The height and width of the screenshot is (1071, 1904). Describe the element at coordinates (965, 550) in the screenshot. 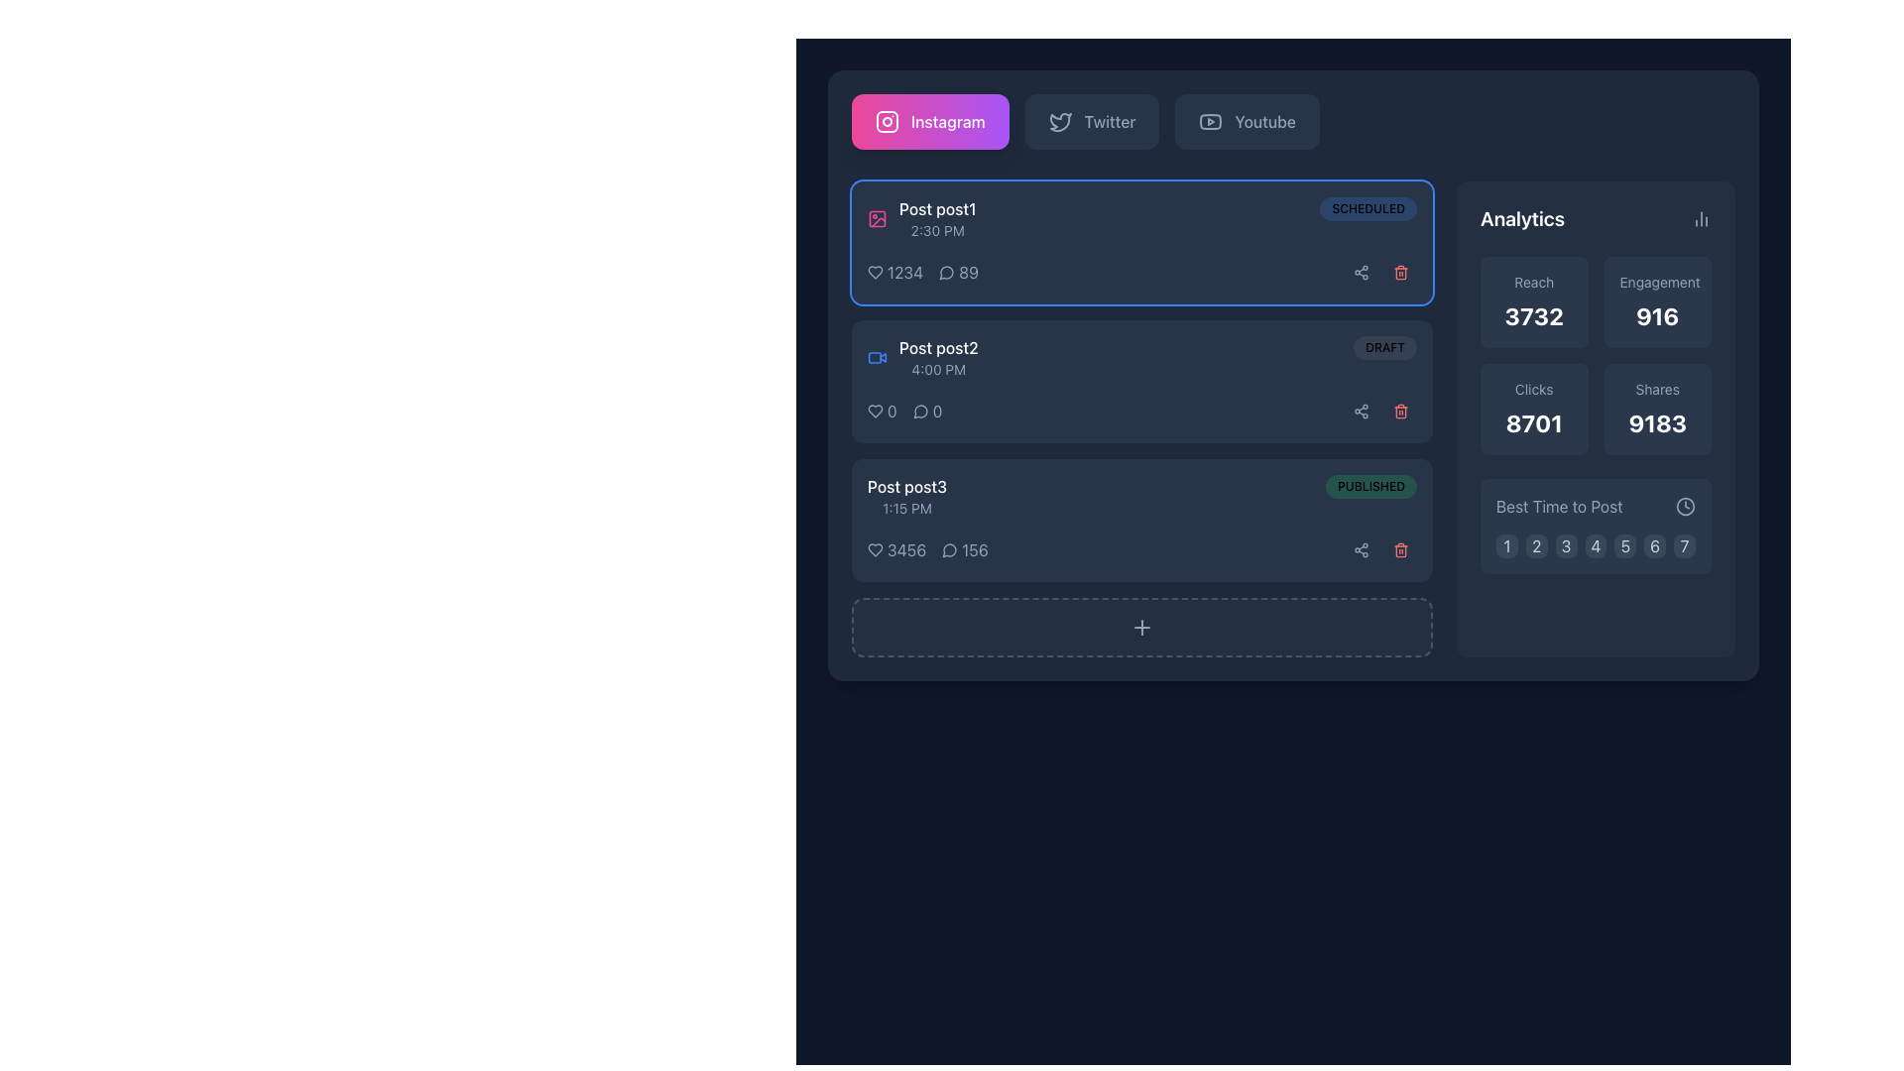

I see `the comments icon and text combination located in the second group under the 'Post post3' section, positioned to the right of the heart icon` at that location.